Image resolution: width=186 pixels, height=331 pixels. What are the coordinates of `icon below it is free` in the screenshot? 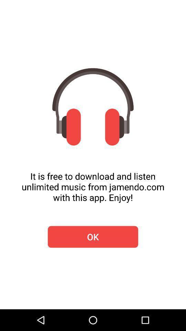 It's located at (93, 237).